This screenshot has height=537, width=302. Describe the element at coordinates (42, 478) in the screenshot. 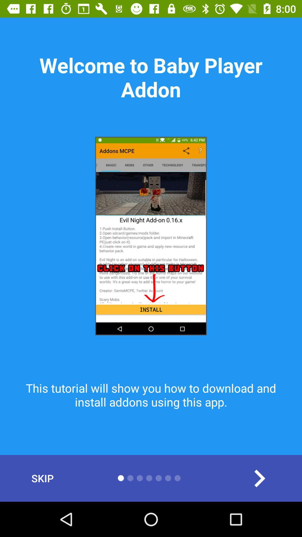

I see `skip` at that location.